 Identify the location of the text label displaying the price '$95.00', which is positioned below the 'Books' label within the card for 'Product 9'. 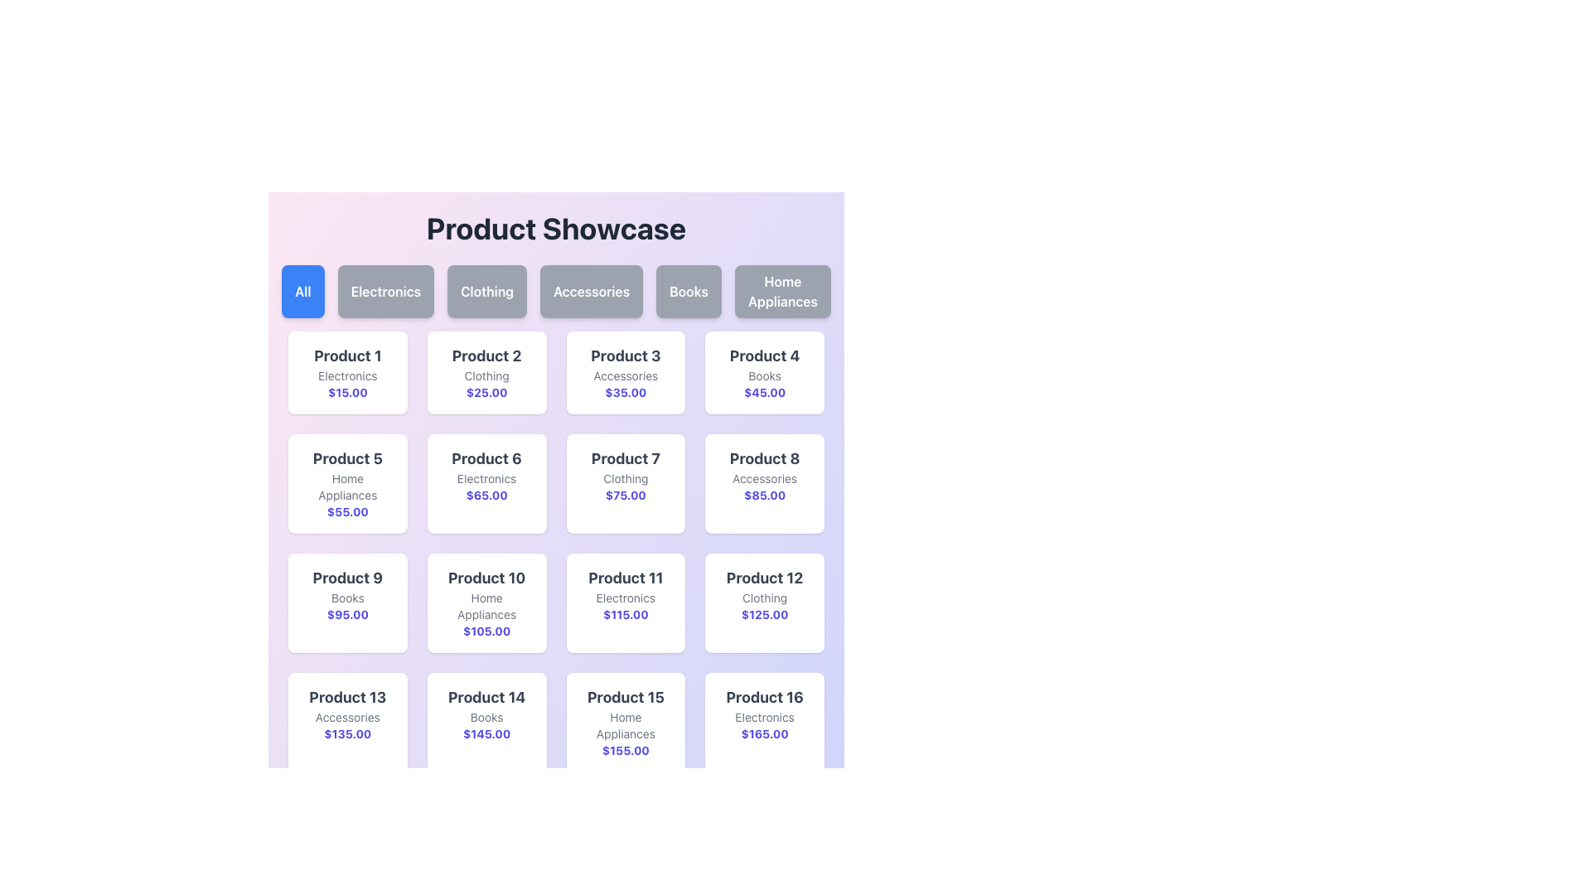
(346, 614).